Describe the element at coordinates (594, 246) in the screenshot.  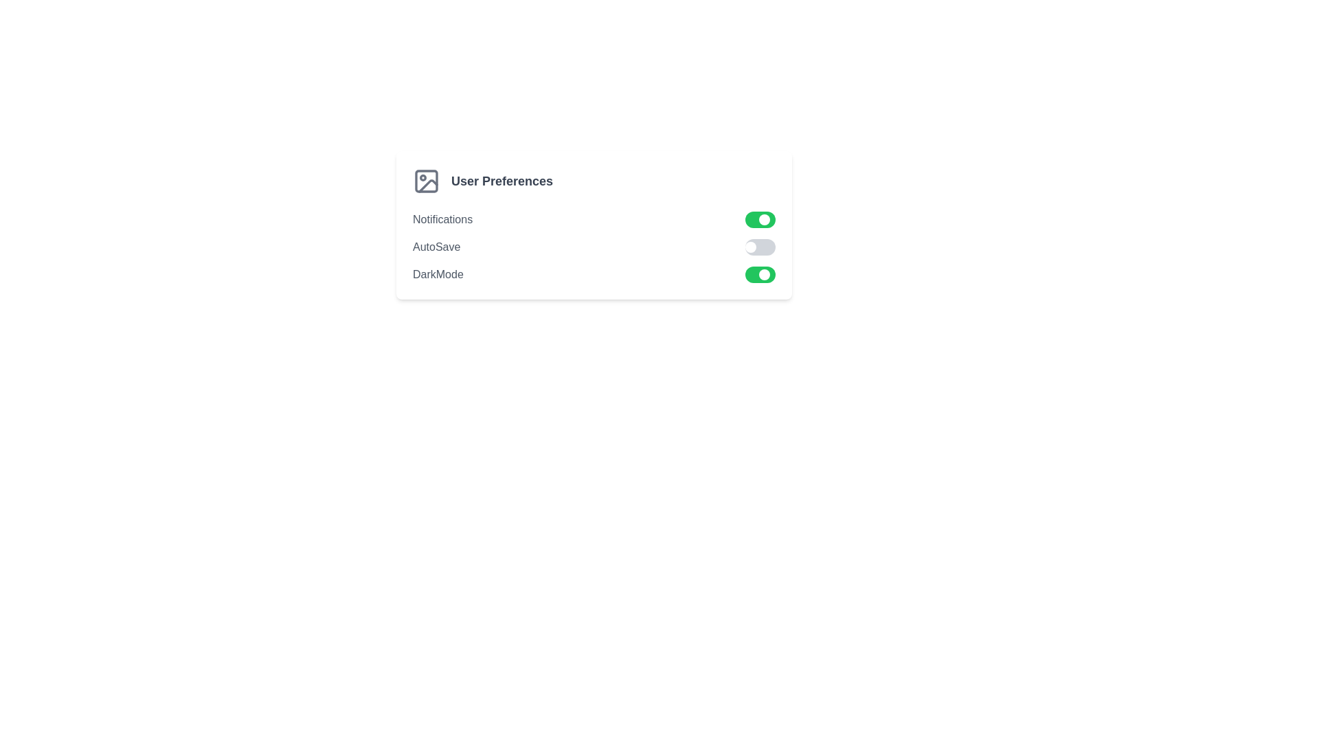
I see `the 'autoSave' toggle switch located in the 'User Preferences' section to switch it on or off` at that location.